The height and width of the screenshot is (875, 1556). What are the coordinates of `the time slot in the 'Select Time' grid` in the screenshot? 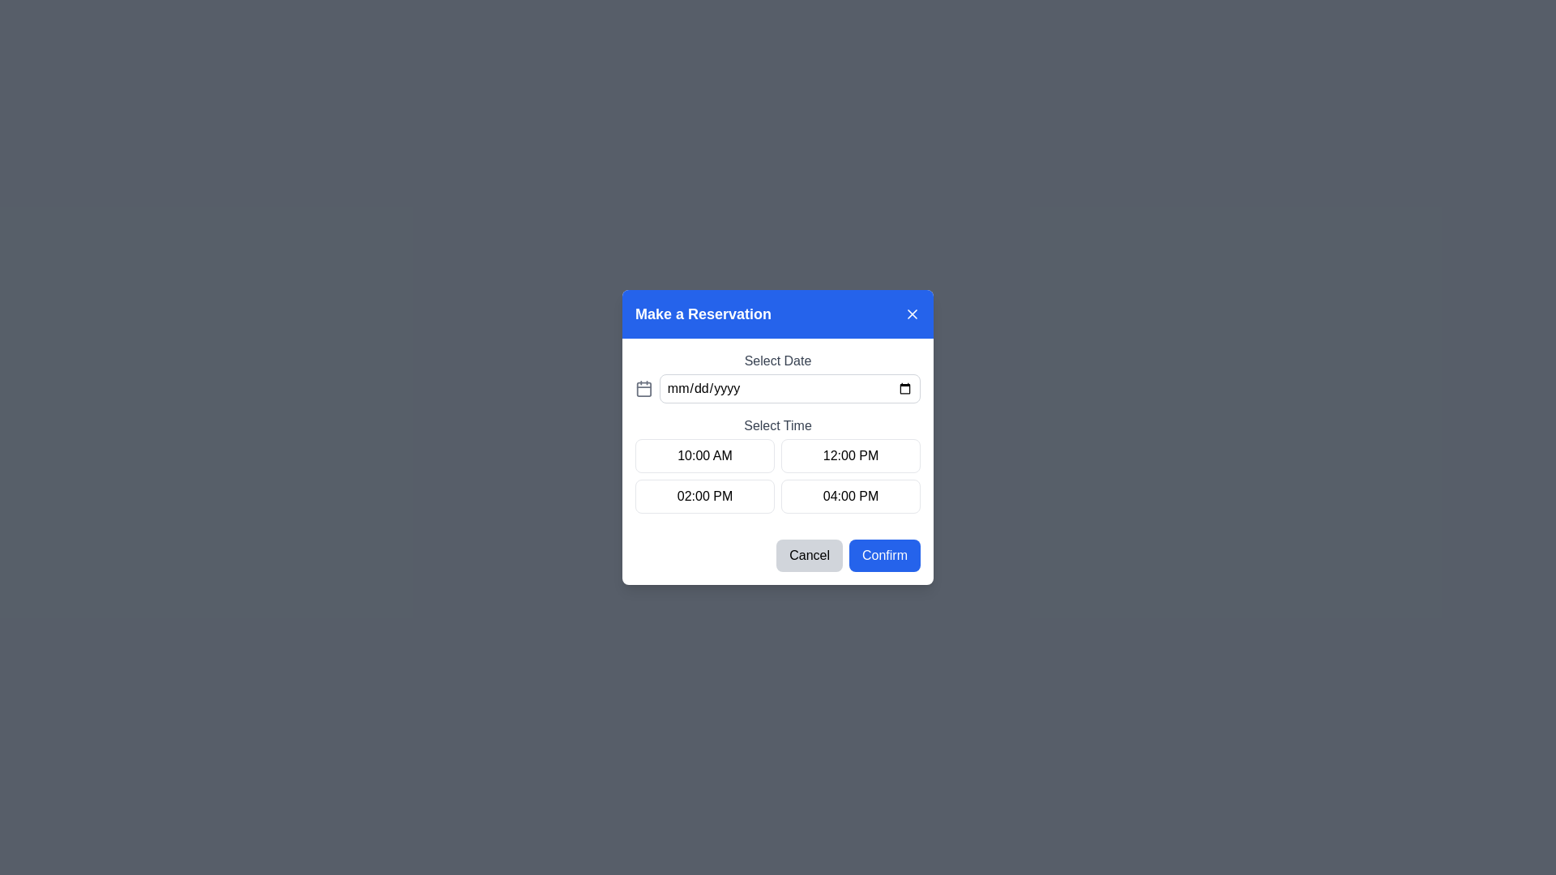 It's located at (778, 465).